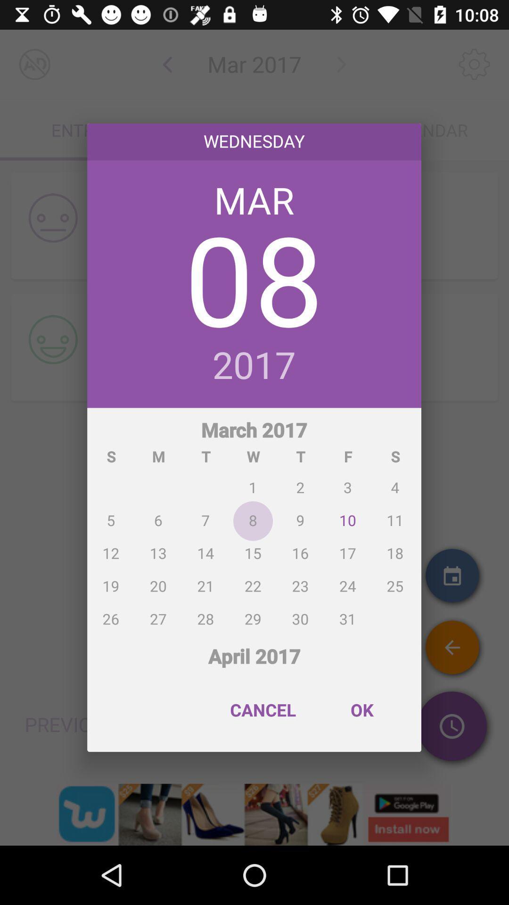  I want to click on the cancel item, so click(263, 710).